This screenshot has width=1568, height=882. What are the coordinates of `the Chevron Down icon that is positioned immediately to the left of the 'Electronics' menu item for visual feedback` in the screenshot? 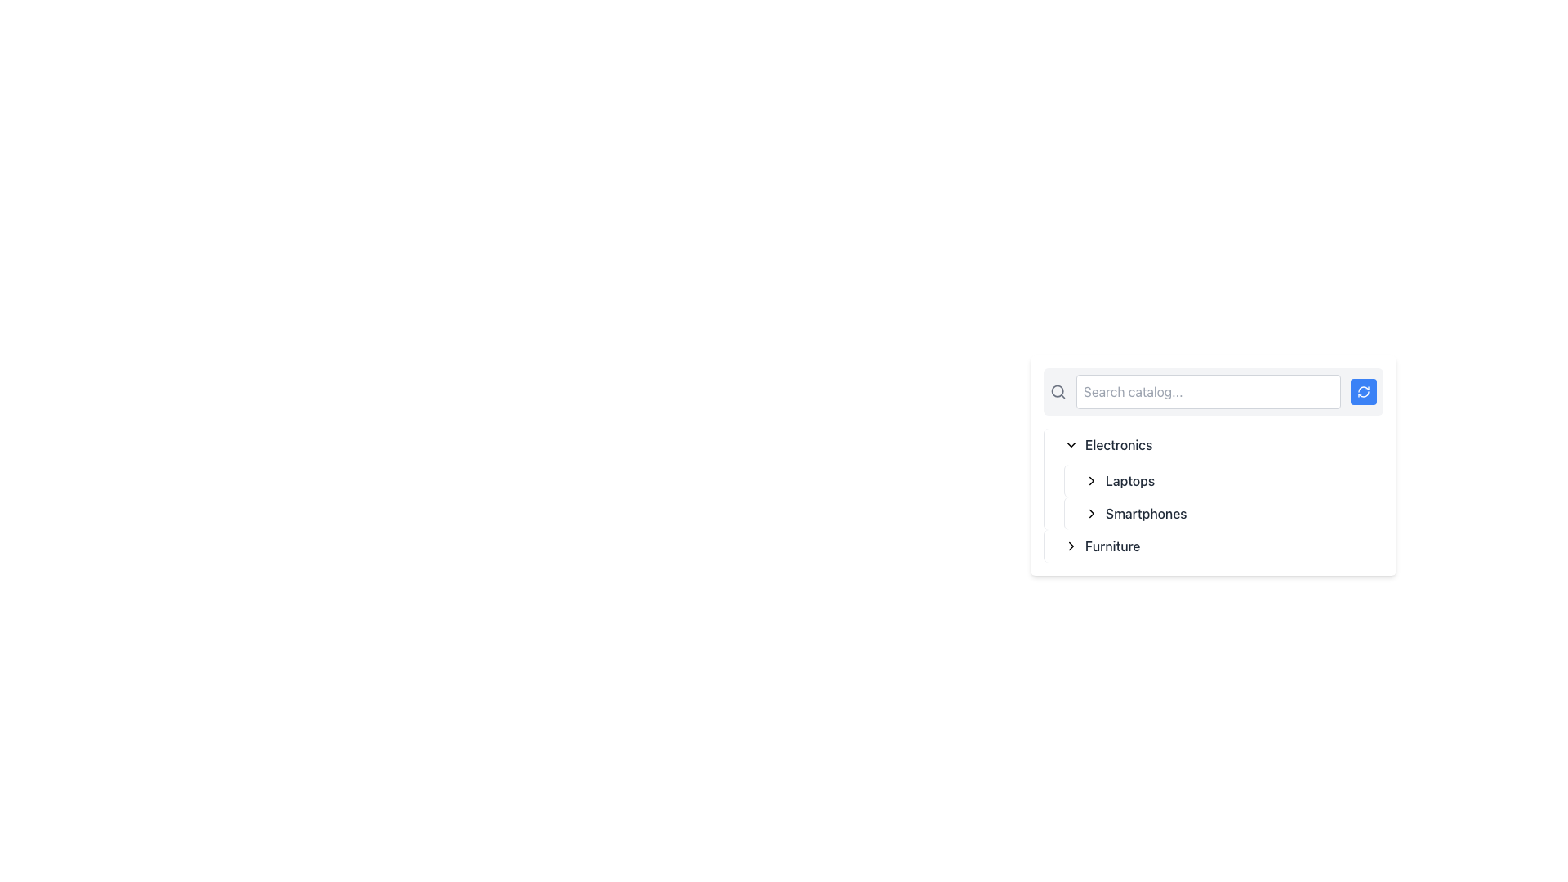 It's located at (1071, 444).